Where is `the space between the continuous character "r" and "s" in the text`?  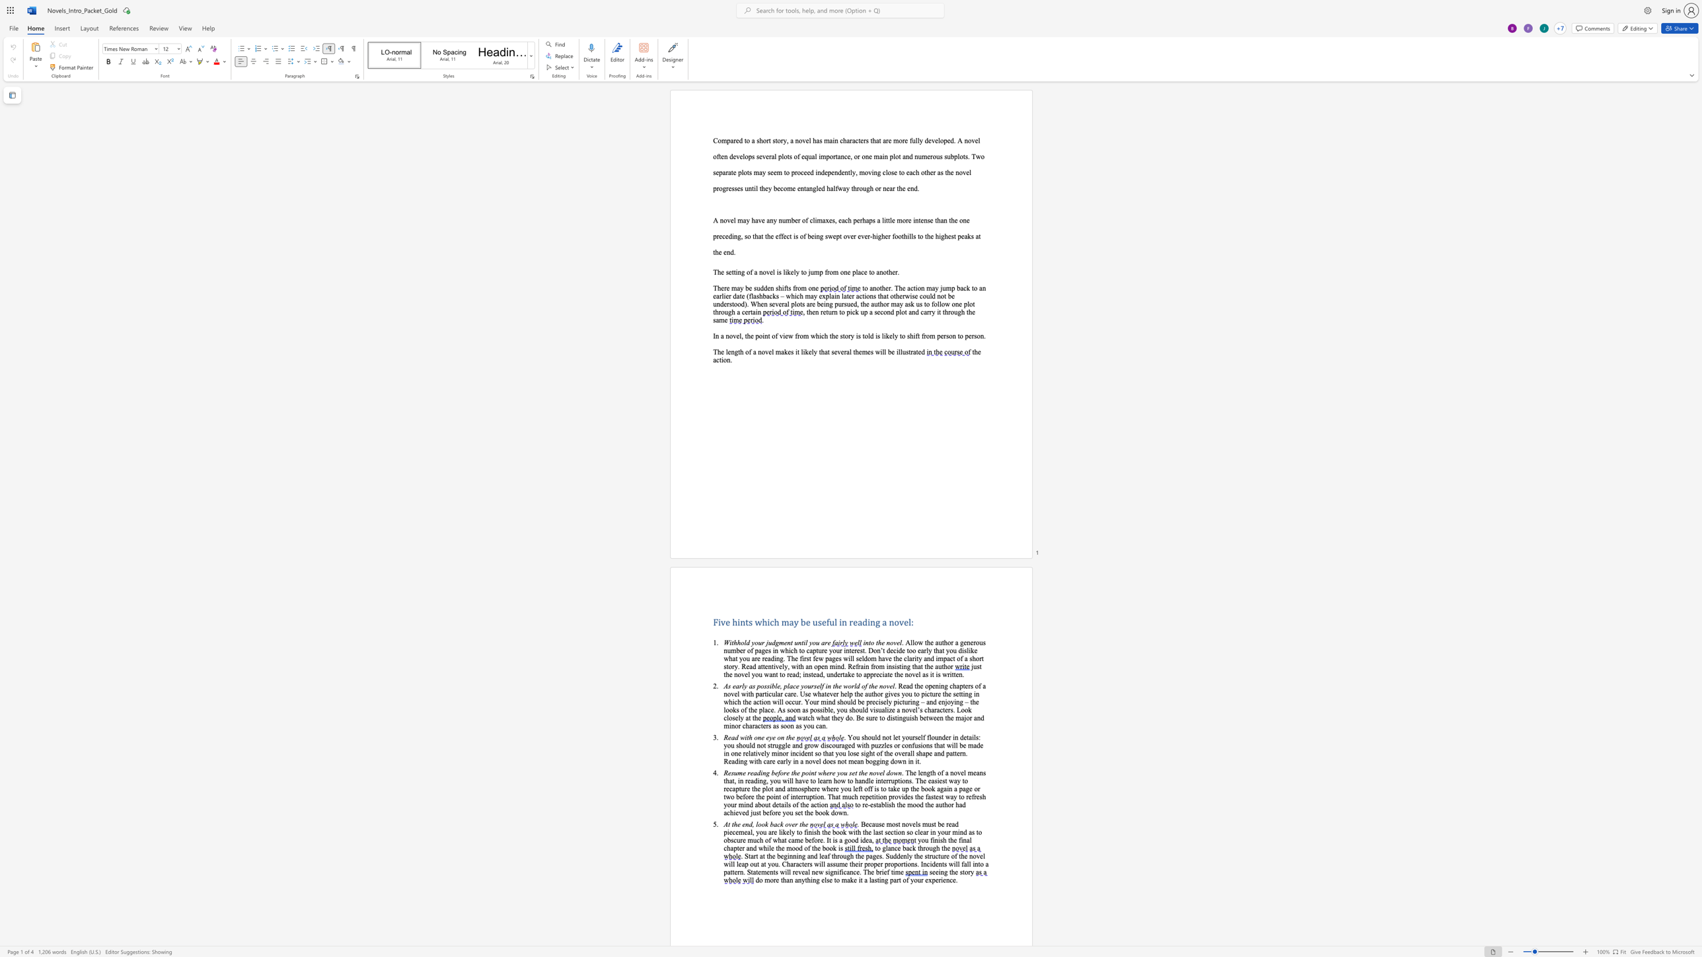 the space between the continuous character "r" and "s" in the text is located at coordinates (866, 141).